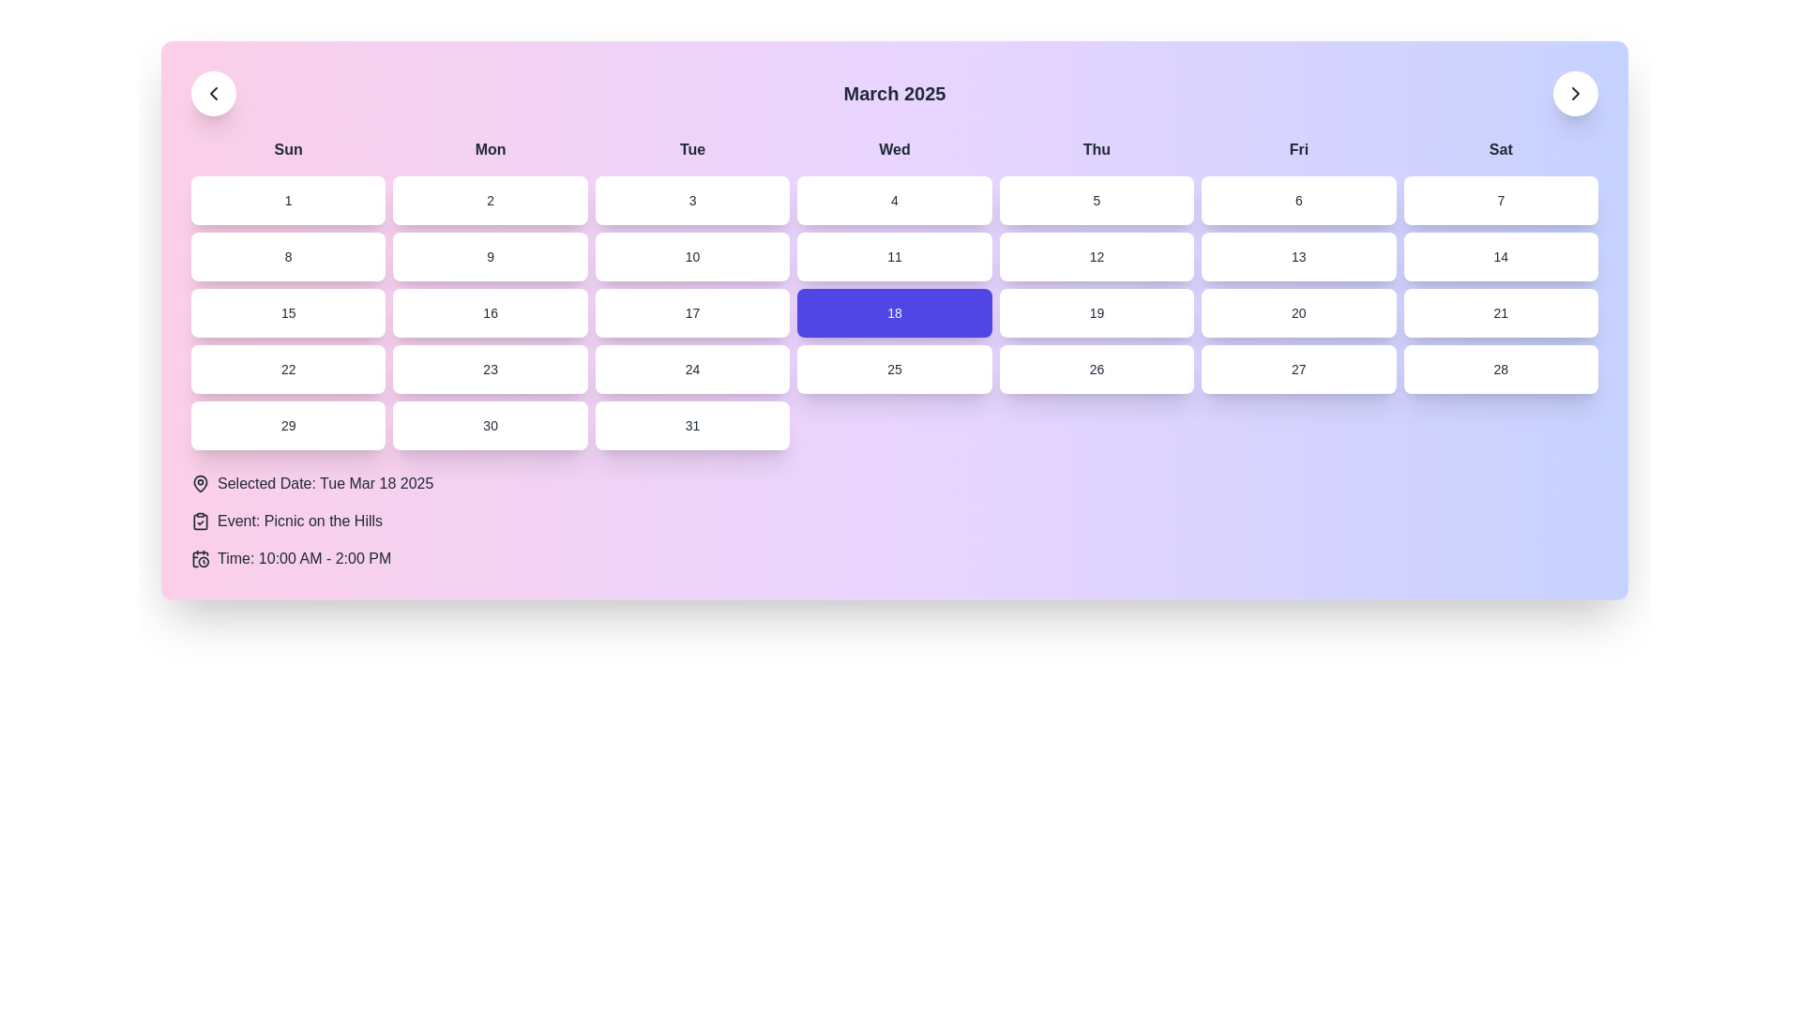 This screenshot has height=1013, width=1801. What do you see at coordinates (287, 369) in the screenshot?
I see `the clickable calendar date box displaying the number '22'` at bounding box center [287, 369].